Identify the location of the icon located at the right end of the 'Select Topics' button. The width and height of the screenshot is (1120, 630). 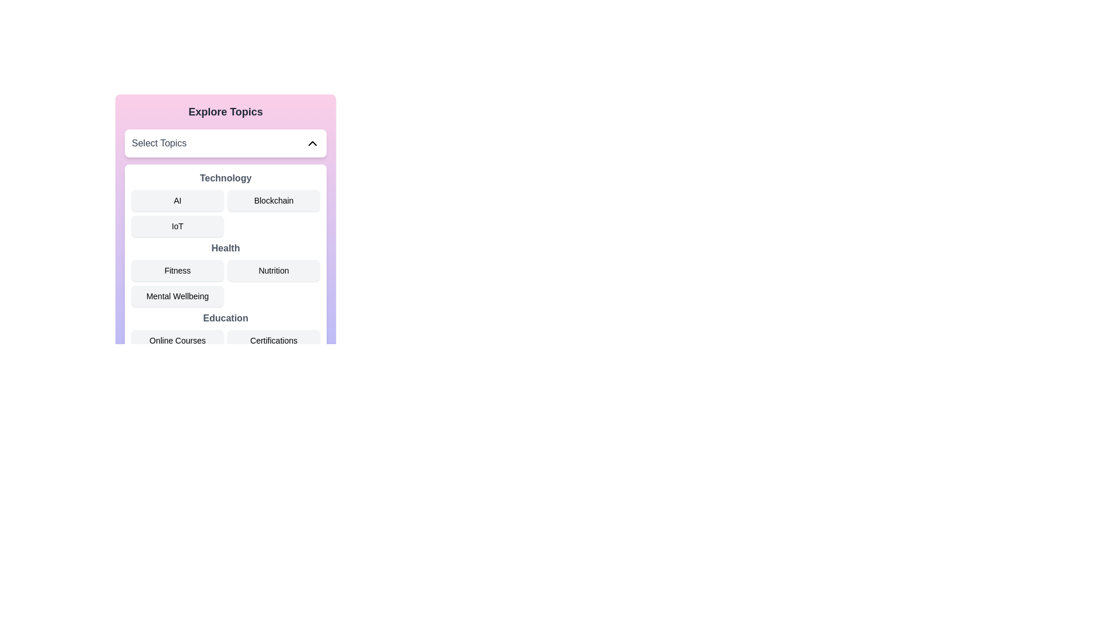
(313, 143).